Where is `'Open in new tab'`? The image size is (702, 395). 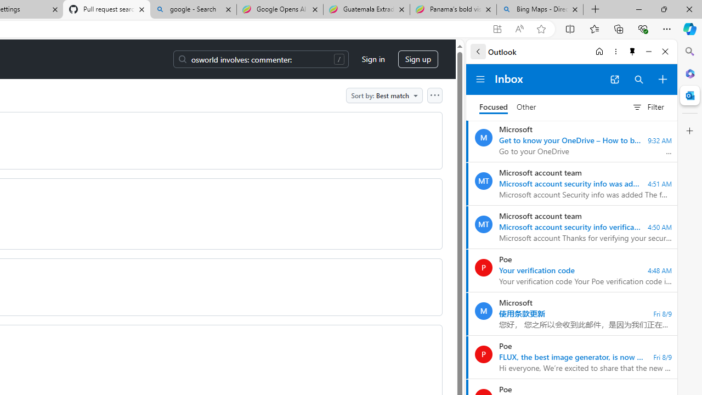
'Open in new tab' is located at coordinates (614, 79).